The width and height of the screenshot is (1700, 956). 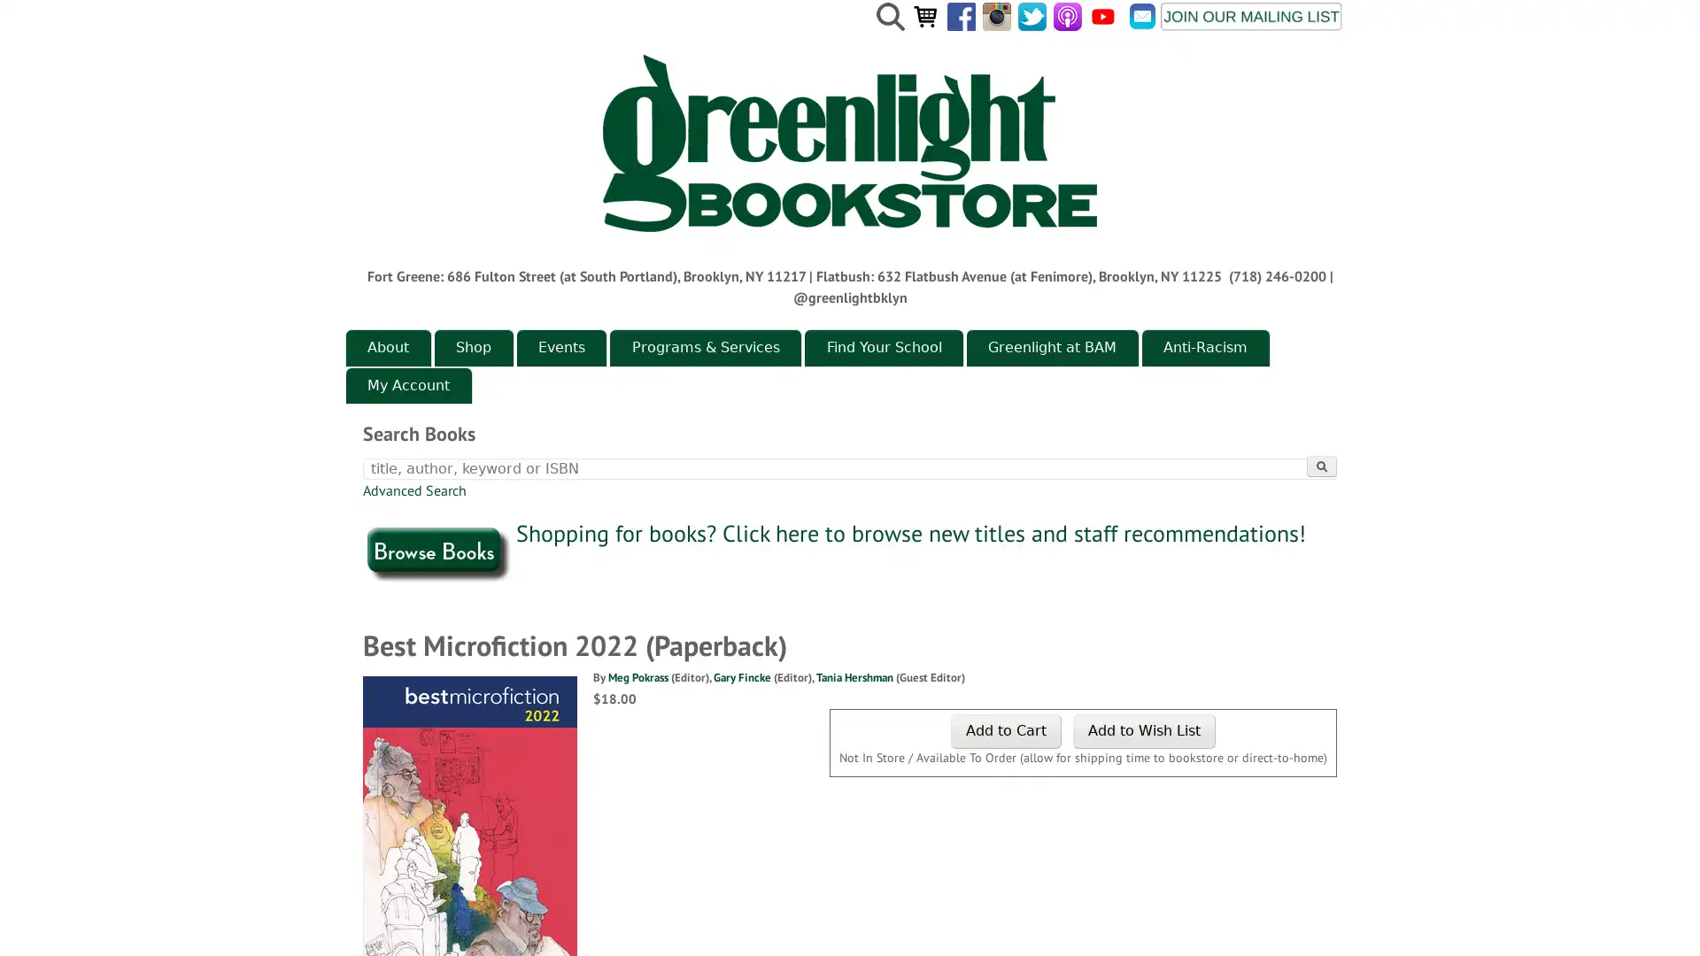 What do you see at coordinates (1321, 681) in the screenshot?
I see `Search` at bounding box center [1321, 681].